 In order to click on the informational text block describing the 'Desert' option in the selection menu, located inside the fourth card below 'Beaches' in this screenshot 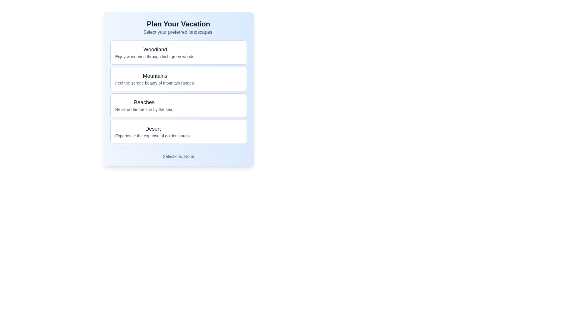, I will do `click(153, 131)`.